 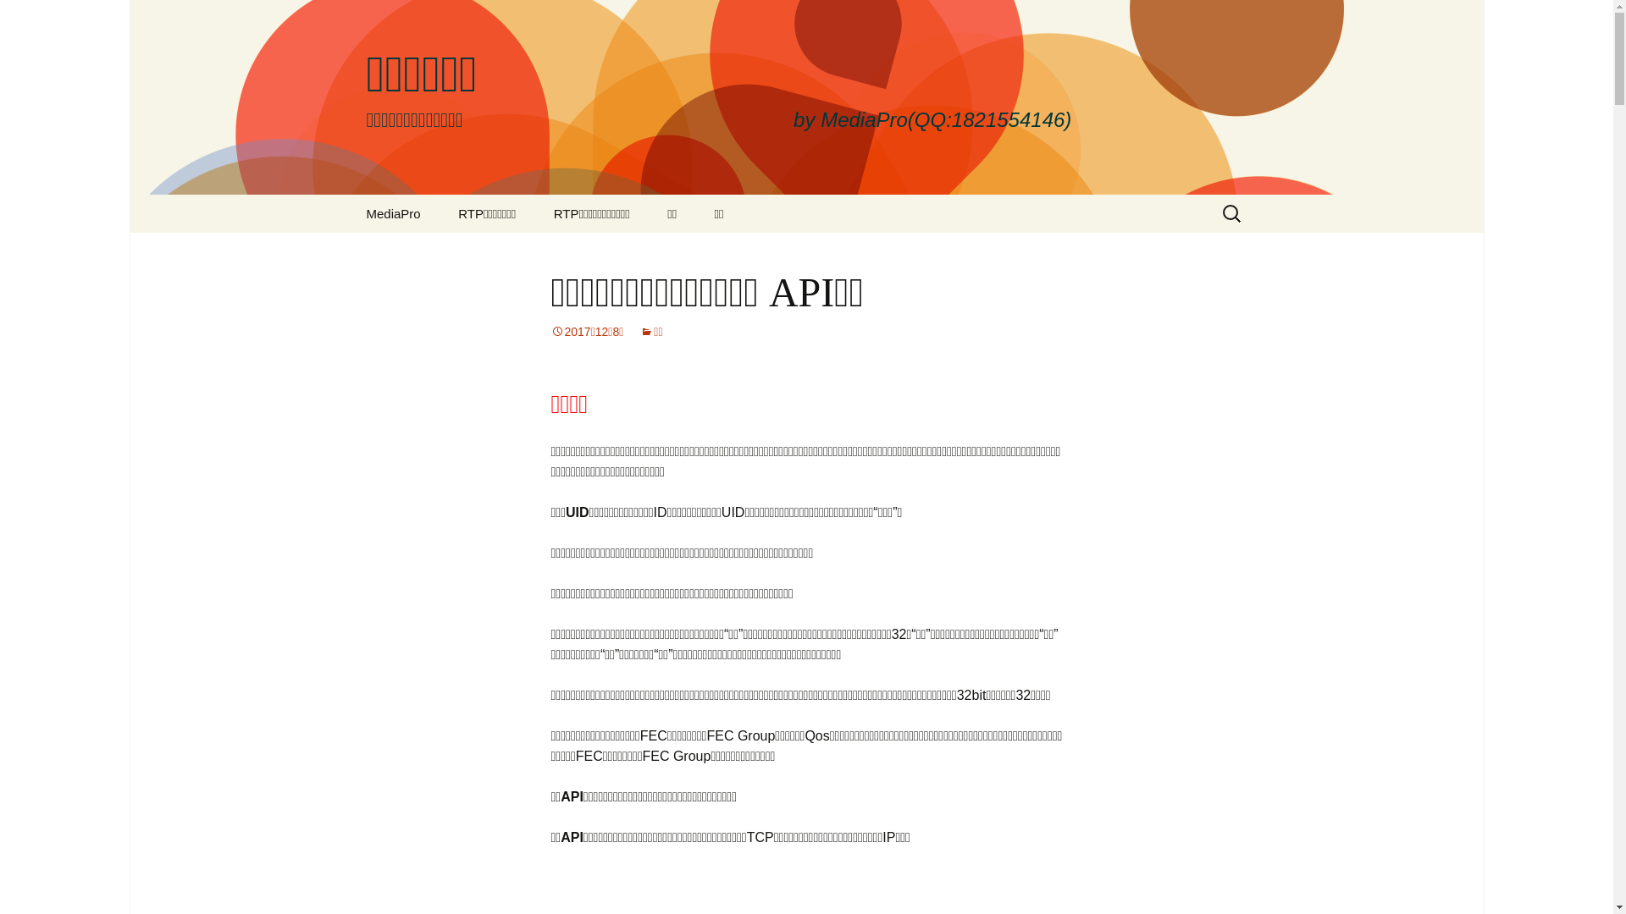 I want to click on 'MediaPro', so click(x=392, y=212).